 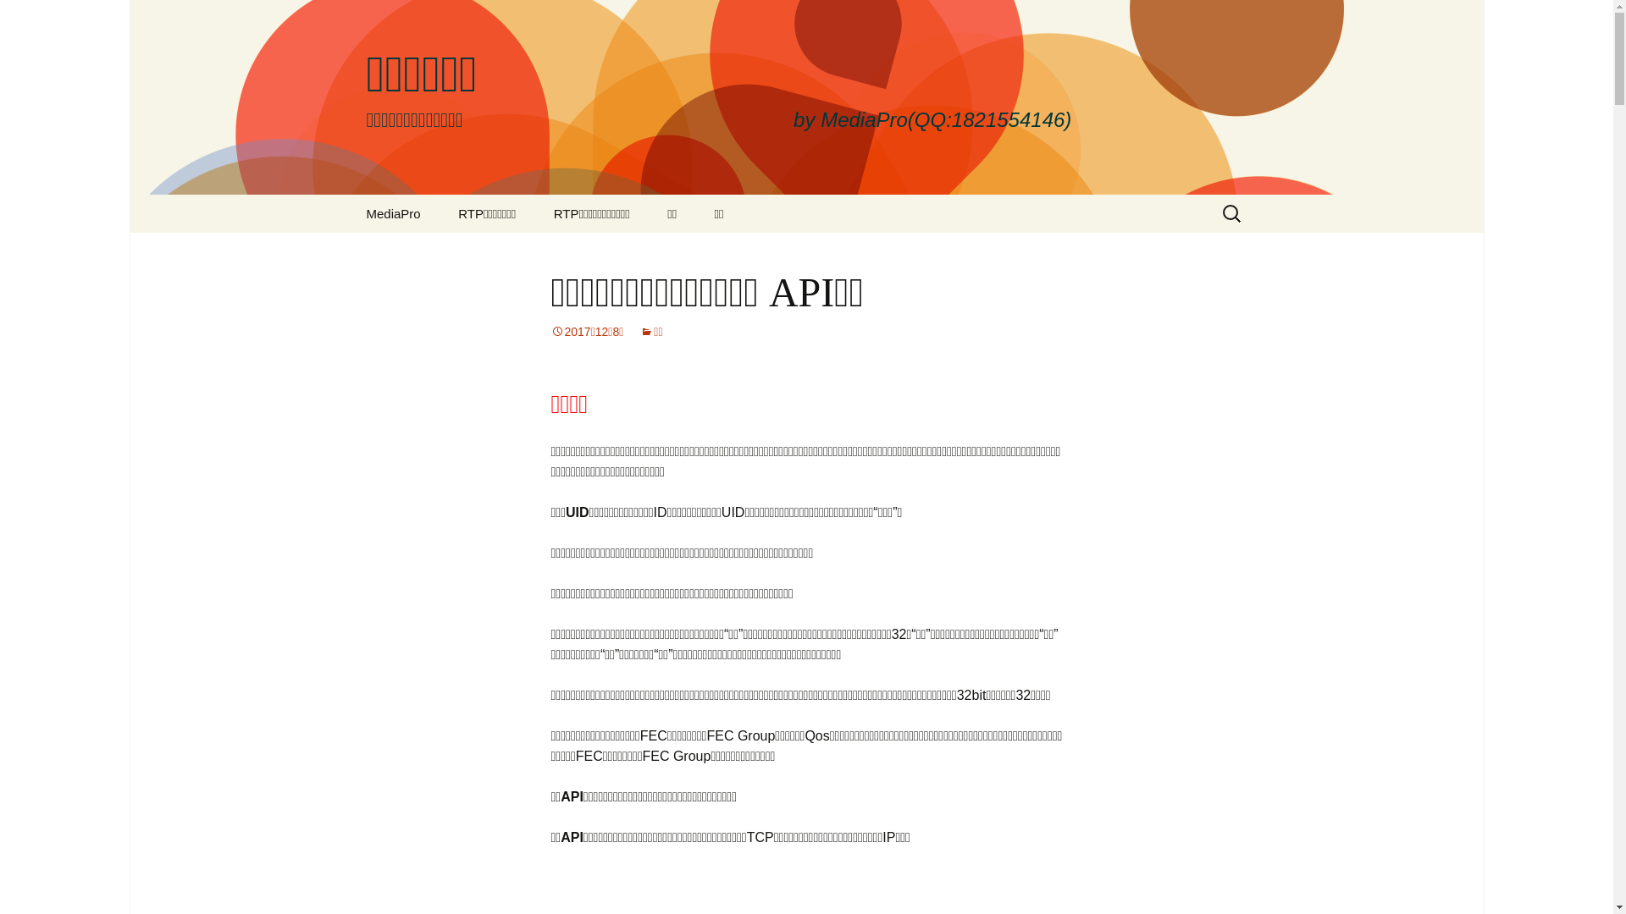 I want to click on 'MediaPro', so click(x=392, y=212).